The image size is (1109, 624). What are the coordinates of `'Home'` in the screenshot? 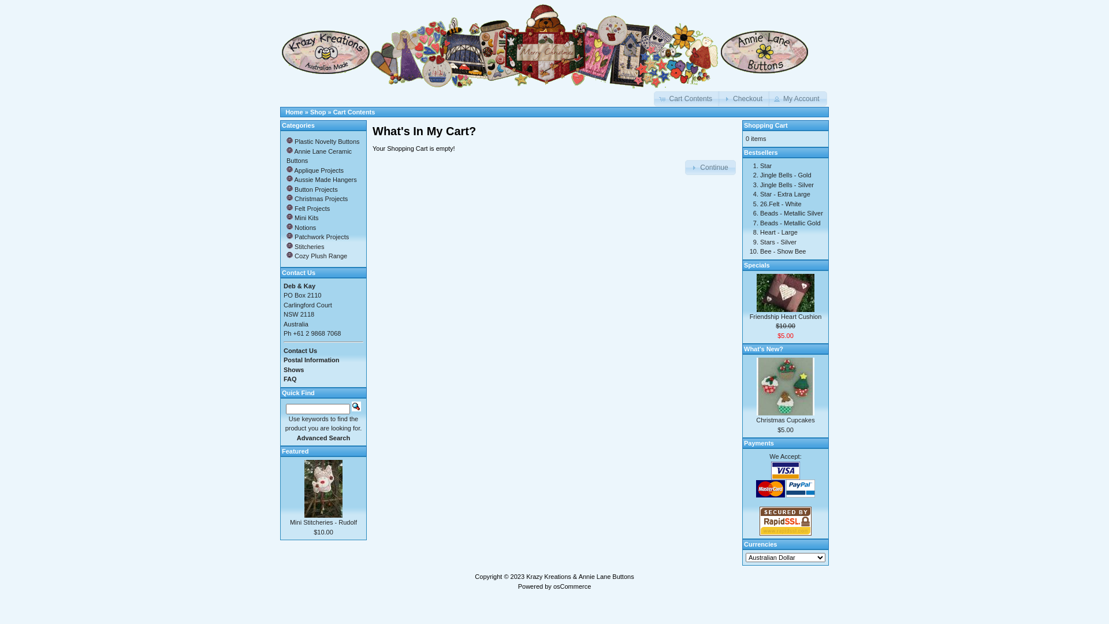 It's located at (294, 112).